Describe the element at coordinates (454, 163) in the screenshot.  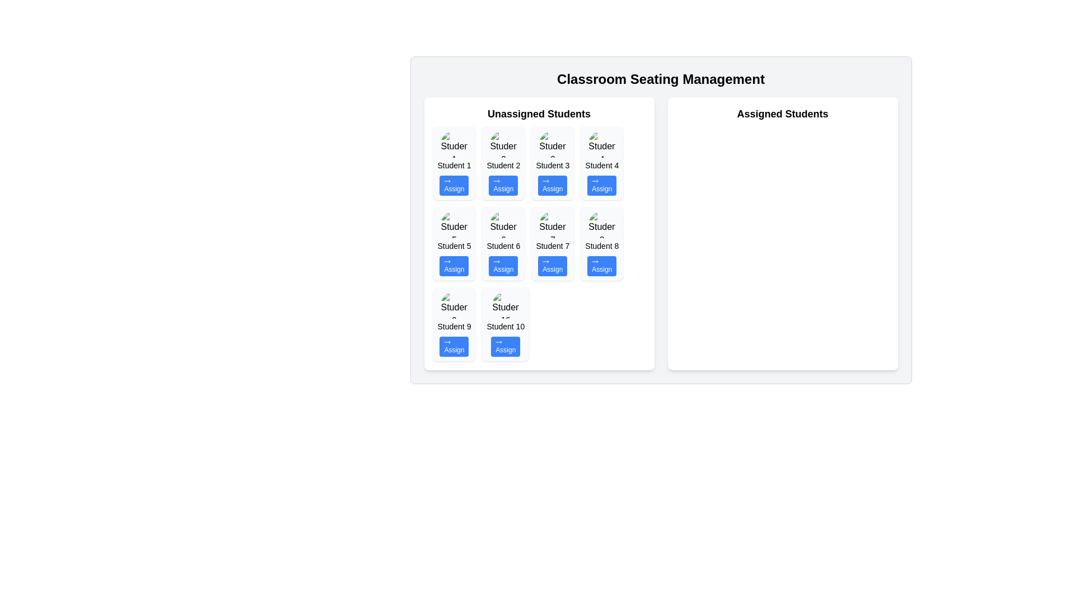
I see `the first card in the 'Unassigned Students' section` at that location.